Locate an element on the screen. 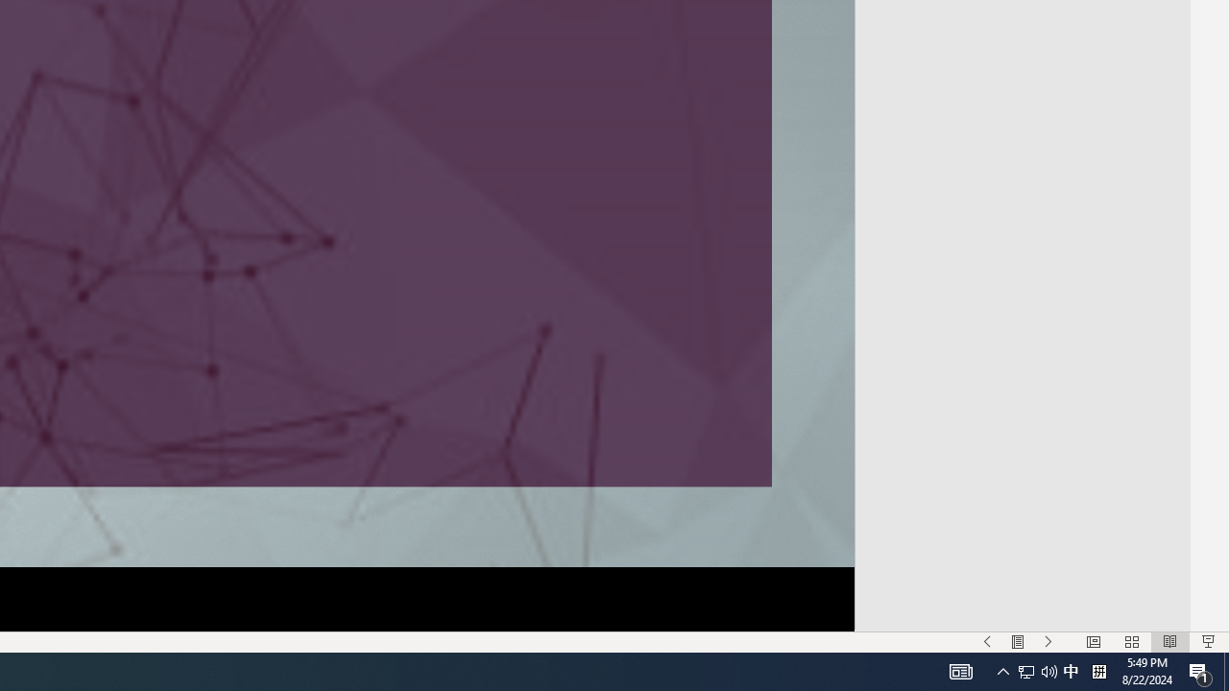  'Slide Show Next On' is located at coordinates (1048, 642).